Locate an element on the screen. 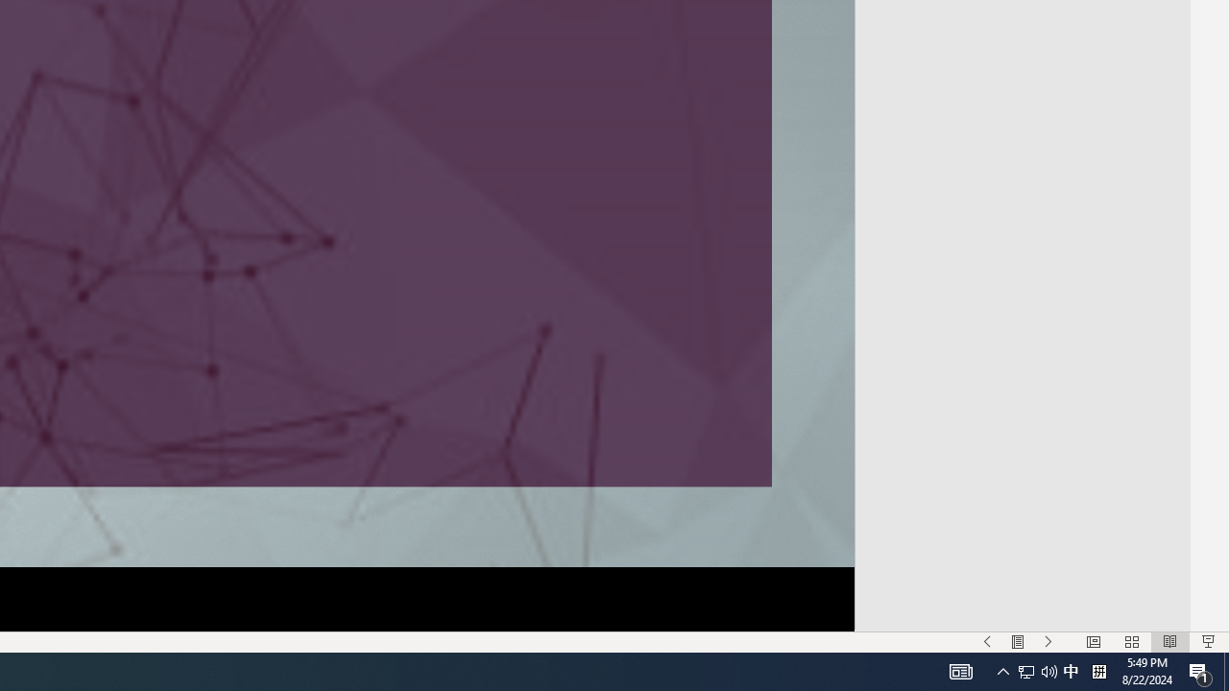  'Slide Show Next On' is located at coordinates (1048, 642).